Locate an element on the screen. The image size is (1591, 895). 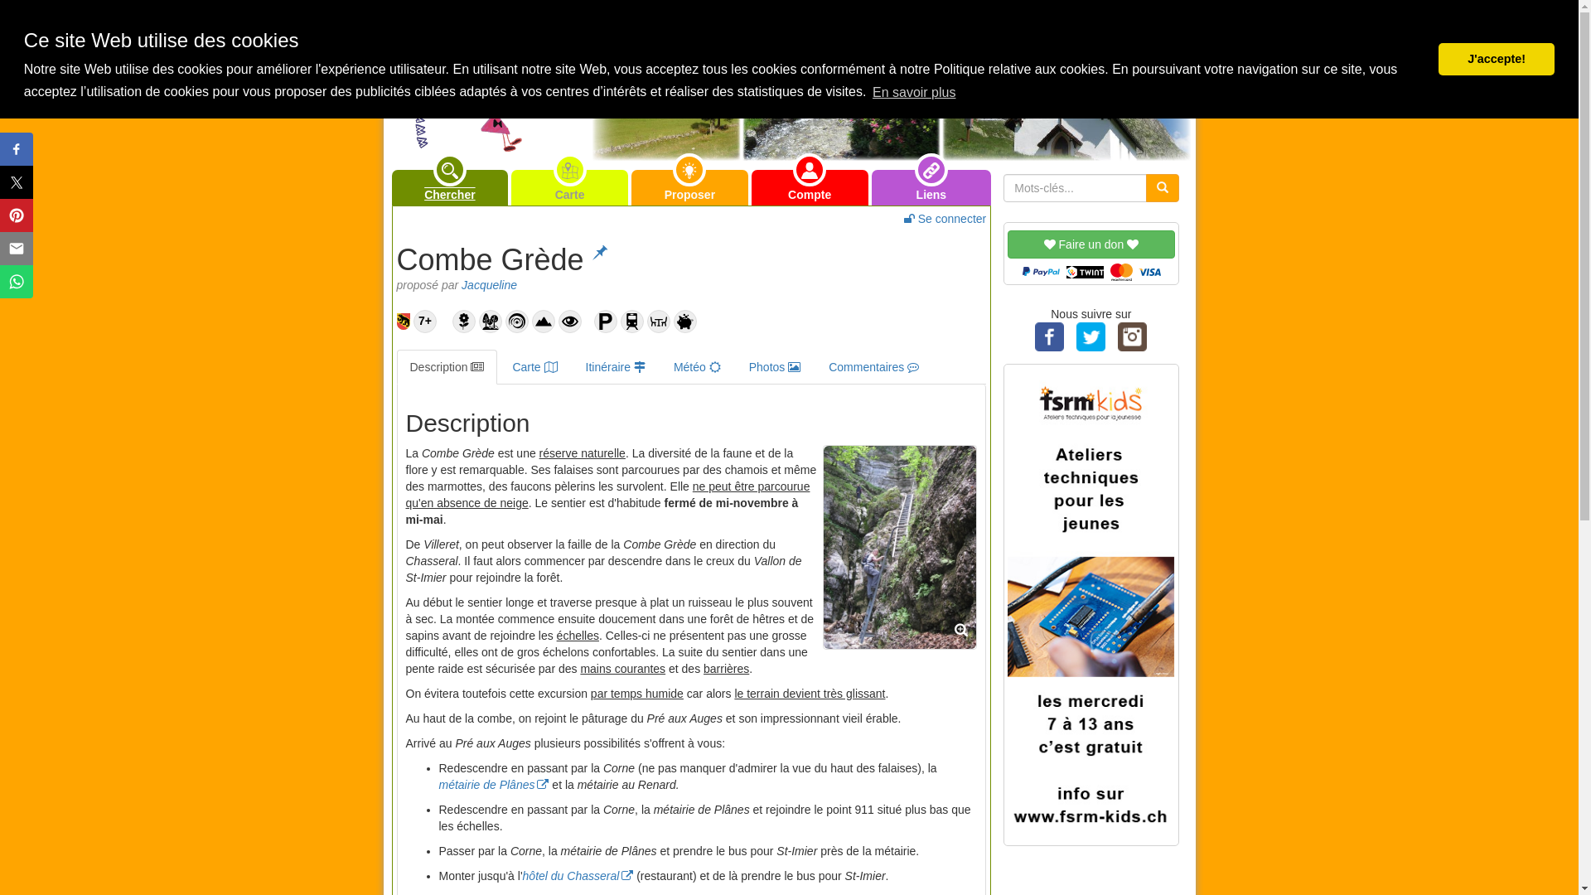
'Compte' is located at coordinates (810, 186).